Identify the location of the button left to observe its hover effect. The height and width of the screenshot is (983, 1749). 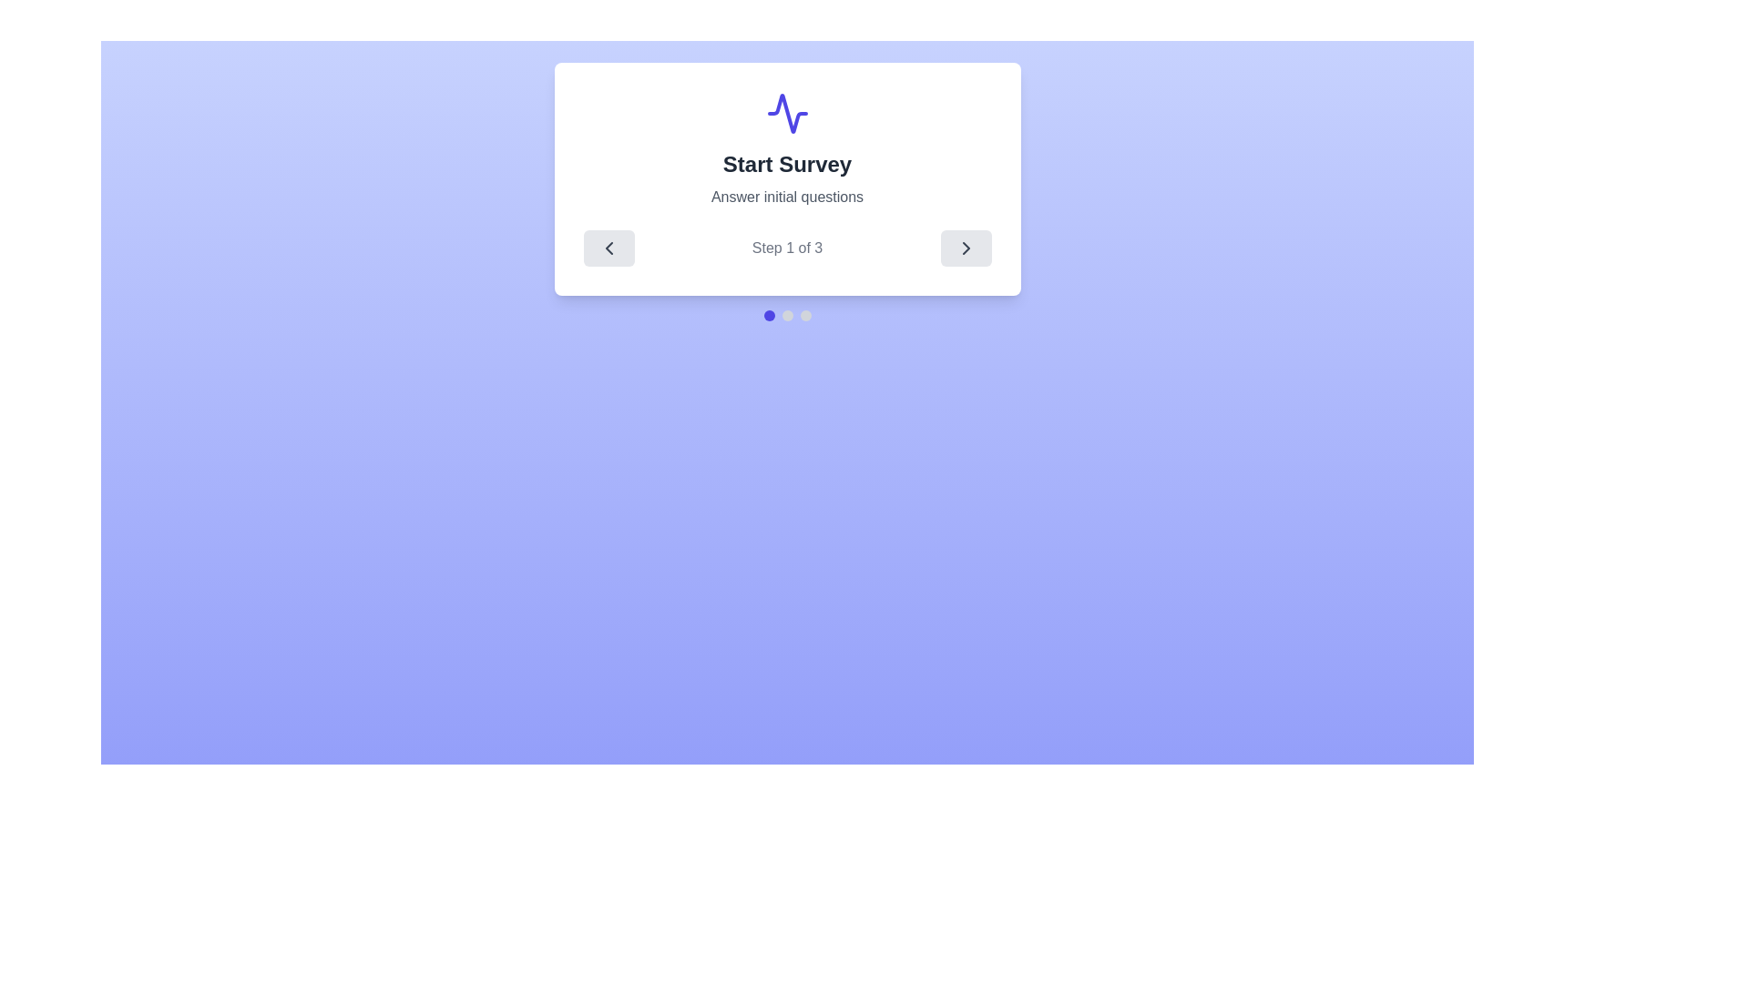
(609, 248).